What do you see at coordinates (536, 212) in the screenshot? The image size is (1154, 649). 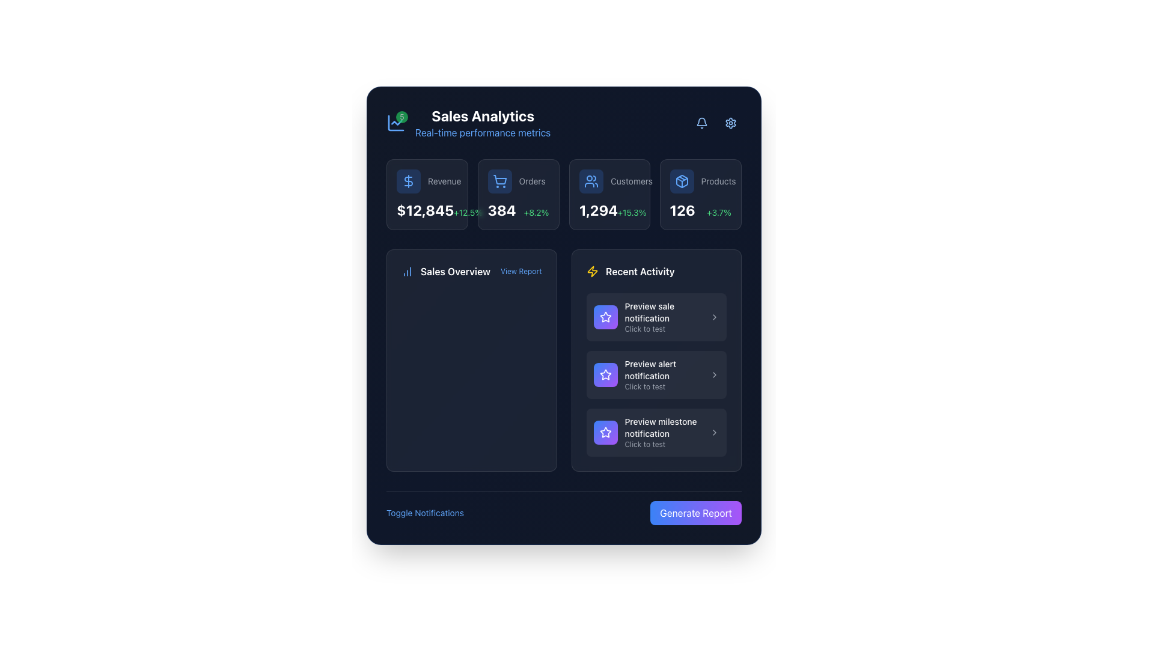 I see `the percentage change text display located to the right of '384' in the 'Orders' section` at bounding box center [536, 212].